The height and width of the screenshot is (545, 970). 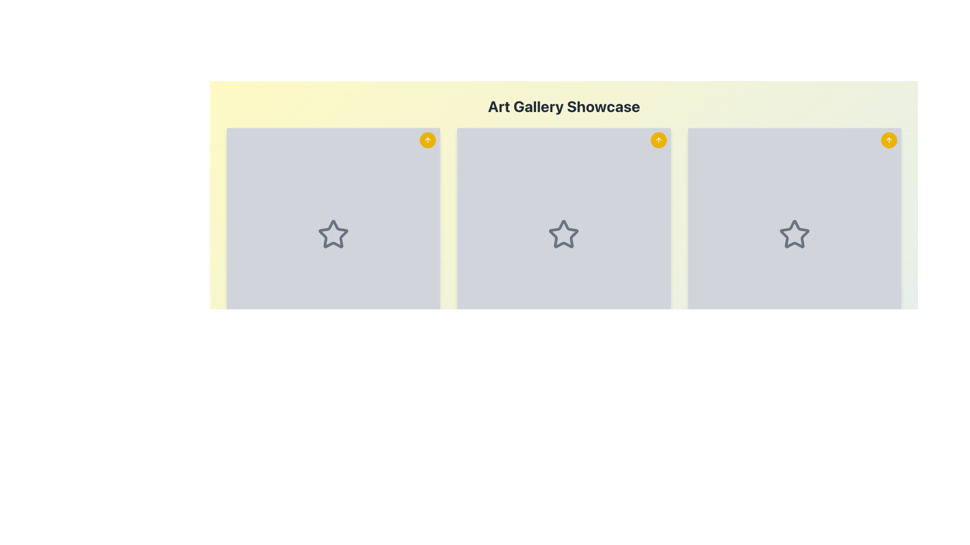 What do you see at coordinates (333, 234) in the screenshot?
I see `the leftmost star icon in the 'Art Gallery Showcase'` at bounding box center [333, 234].